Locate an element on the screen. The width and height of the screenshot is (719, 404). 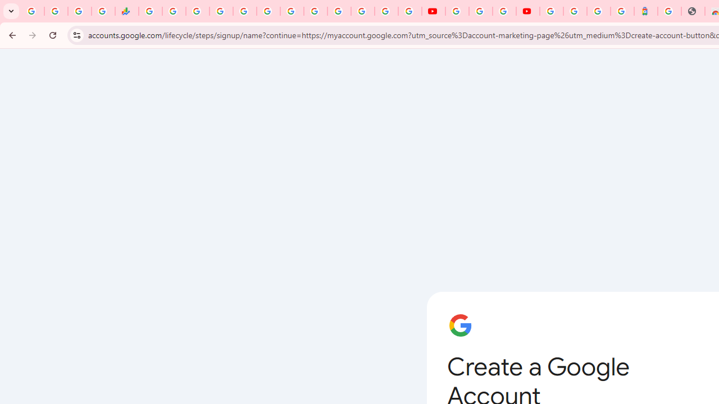
'Android TV Policies and Guidelines - Transparency Center' is located at coordinates (292, 11).